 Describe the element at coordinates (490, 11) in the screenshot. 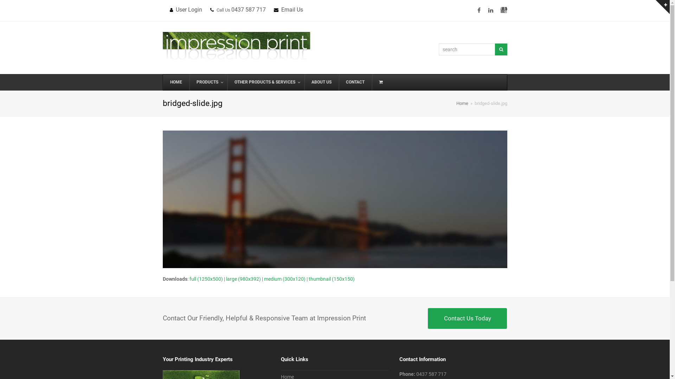

I see `'LinkedIn'` at that location.